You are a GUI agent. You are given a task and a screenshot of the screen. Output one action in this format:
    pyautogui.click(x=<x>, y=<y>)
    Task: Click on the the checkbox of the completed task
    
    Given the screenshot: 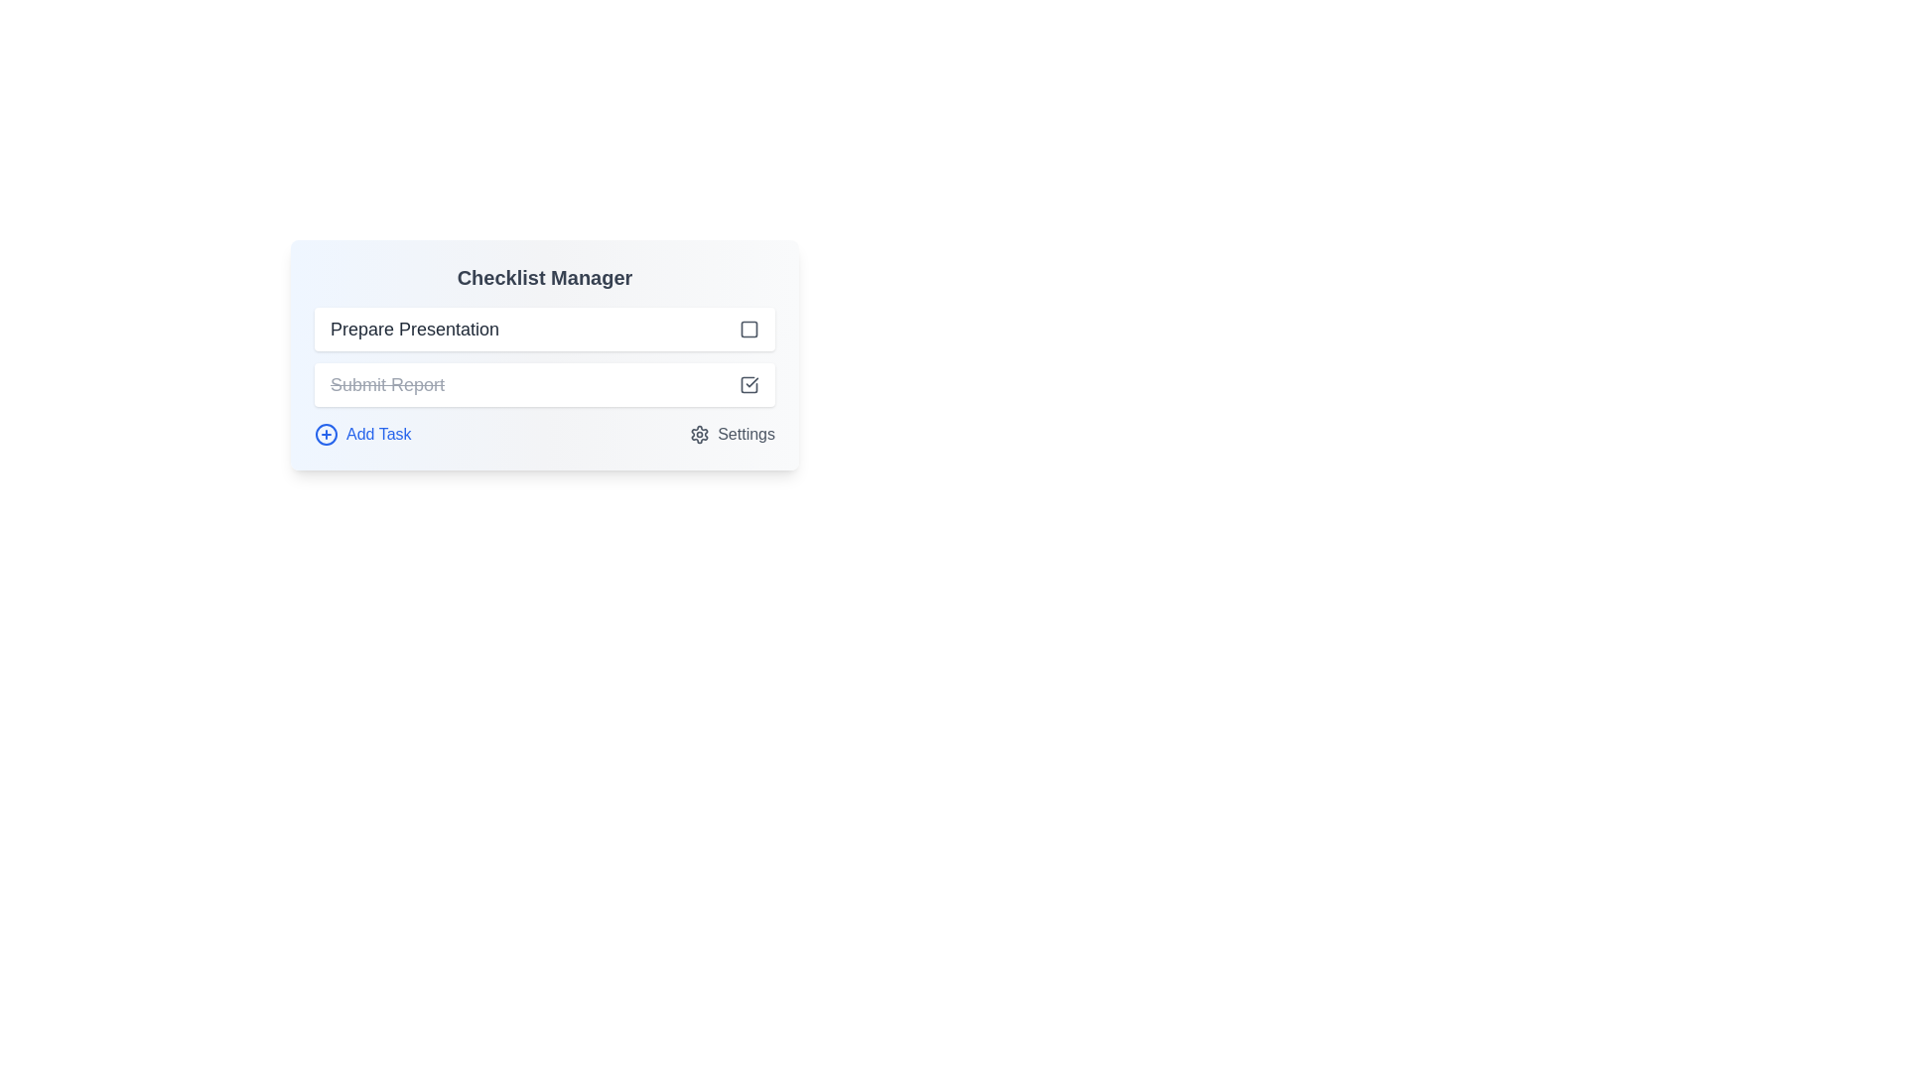 What is the action you would take?
    pyautogui.click(x=544, y=385)
    